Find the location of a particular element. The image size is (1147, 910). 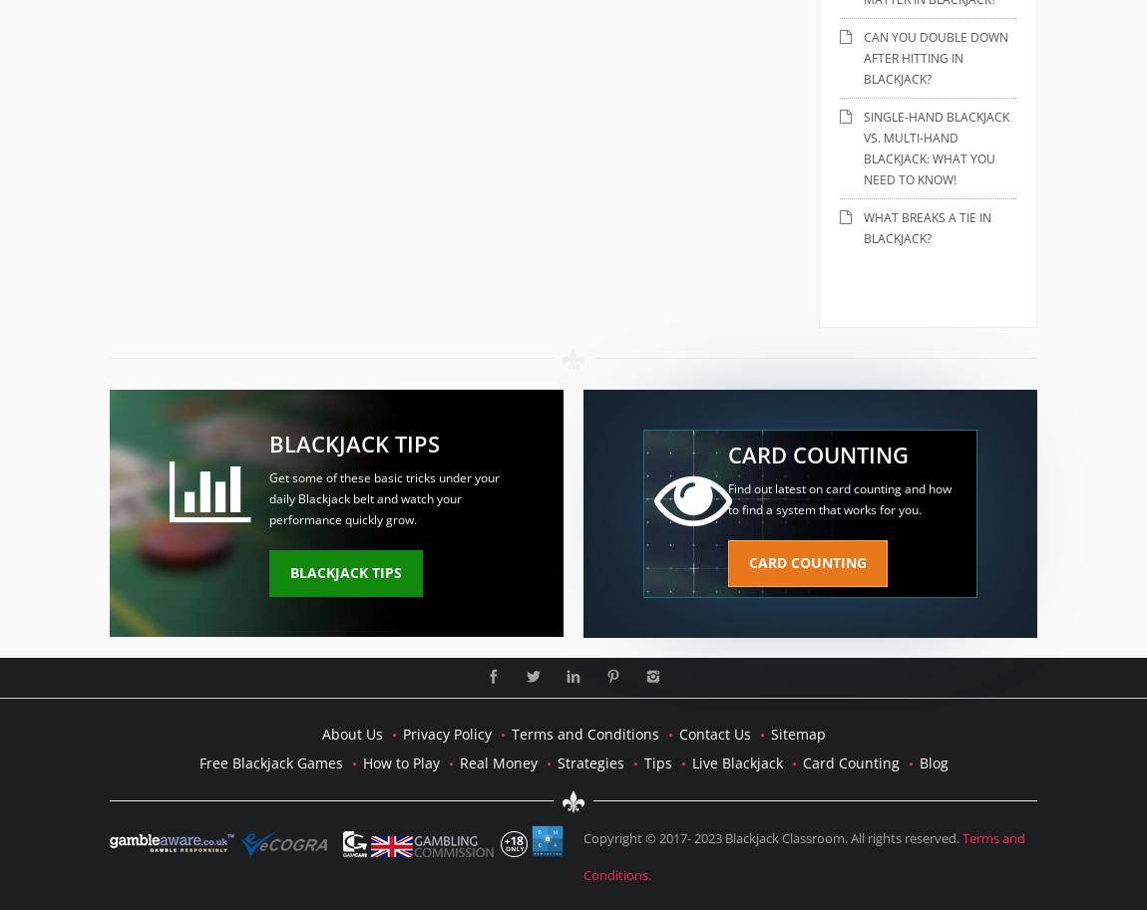

'Sitemap' is located at coordinates (796, 732).